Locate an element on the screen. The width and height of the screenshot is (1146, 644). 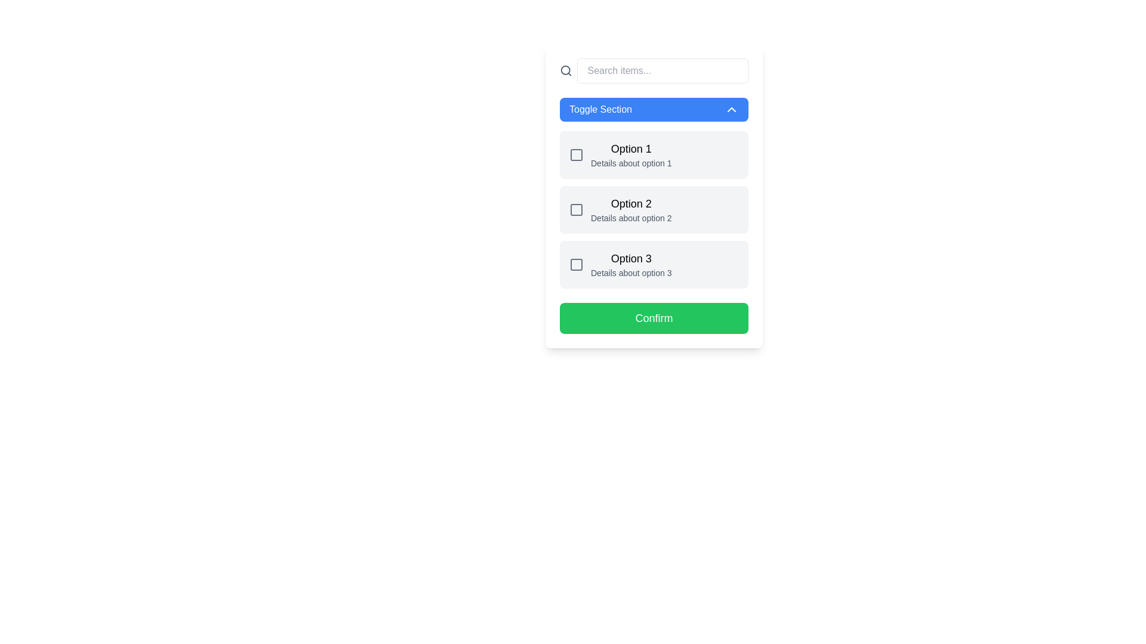
the checkbox in the list of selectable items is located at coordinates (653, 209).